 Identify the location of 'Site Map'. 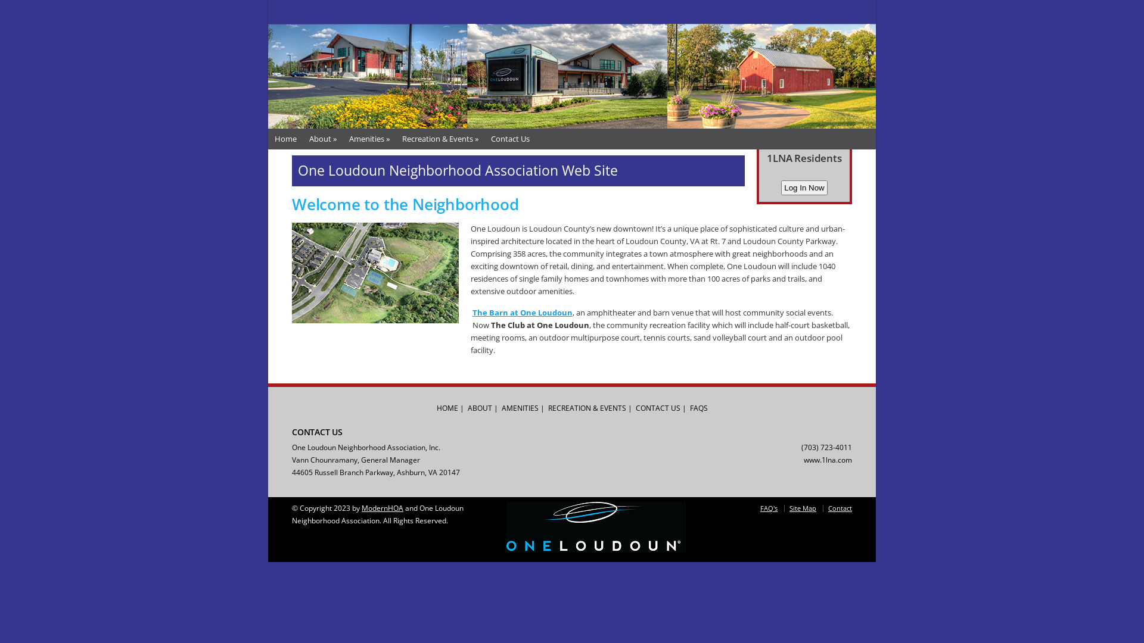
(789, 508).